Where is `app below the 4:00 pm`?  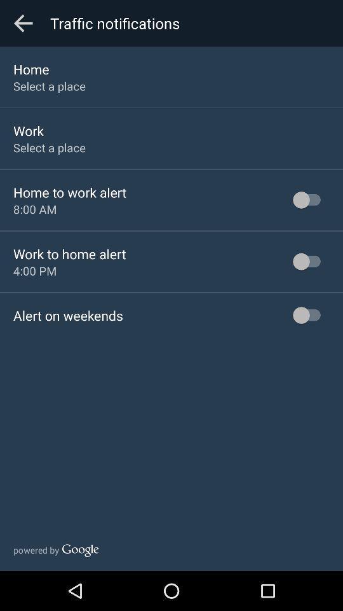
app below the 4:00 pm is located at coordinates (68, 314).